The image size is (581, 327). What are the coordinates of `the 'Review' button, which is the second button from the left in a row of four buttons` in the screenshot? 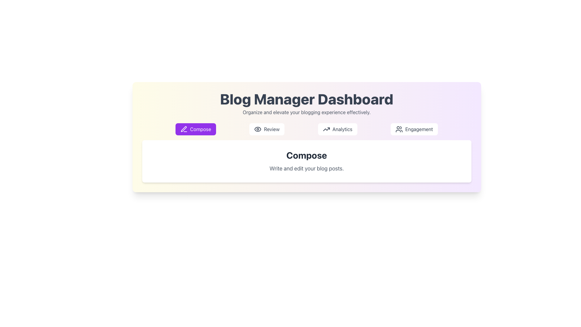 It's located at (267, 129).